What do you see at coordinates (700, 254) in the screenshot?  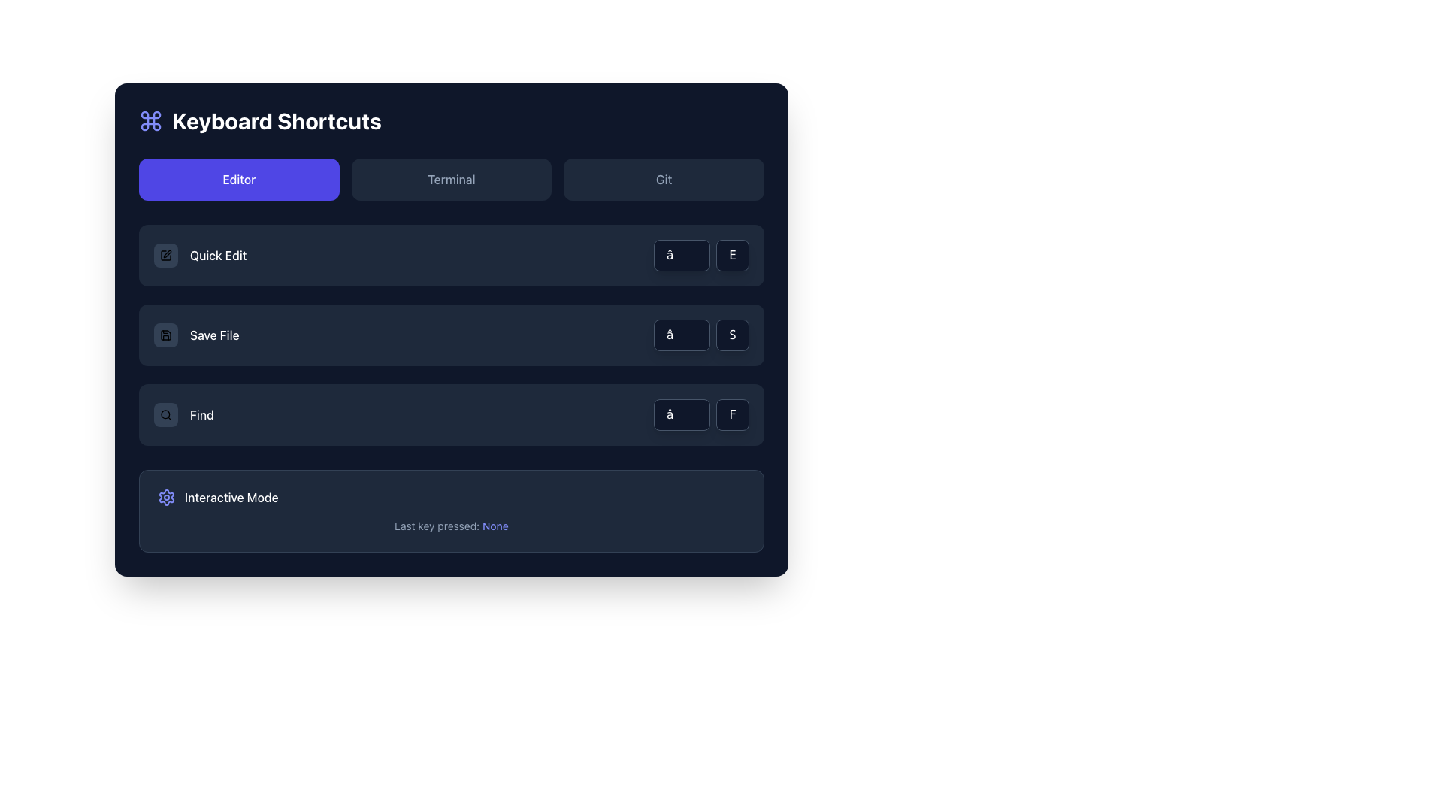 I see `the keyboard shortcut conveyed` at bounding box center [700, 254].